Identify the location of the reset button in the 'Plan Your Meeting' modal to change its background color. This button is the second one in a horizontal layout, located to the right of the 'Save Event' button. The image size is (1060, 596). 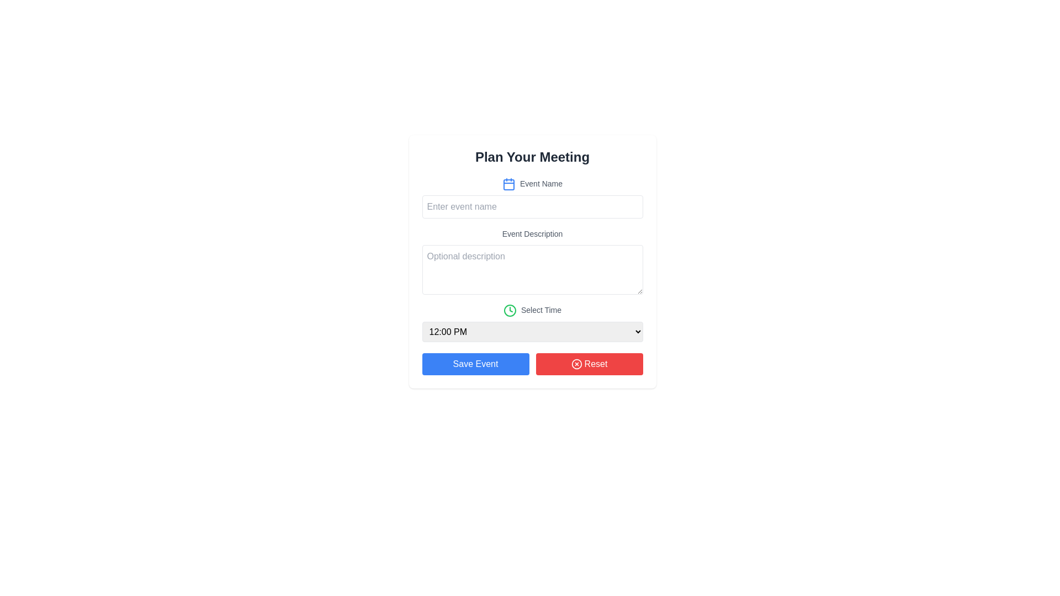
(589, 364).